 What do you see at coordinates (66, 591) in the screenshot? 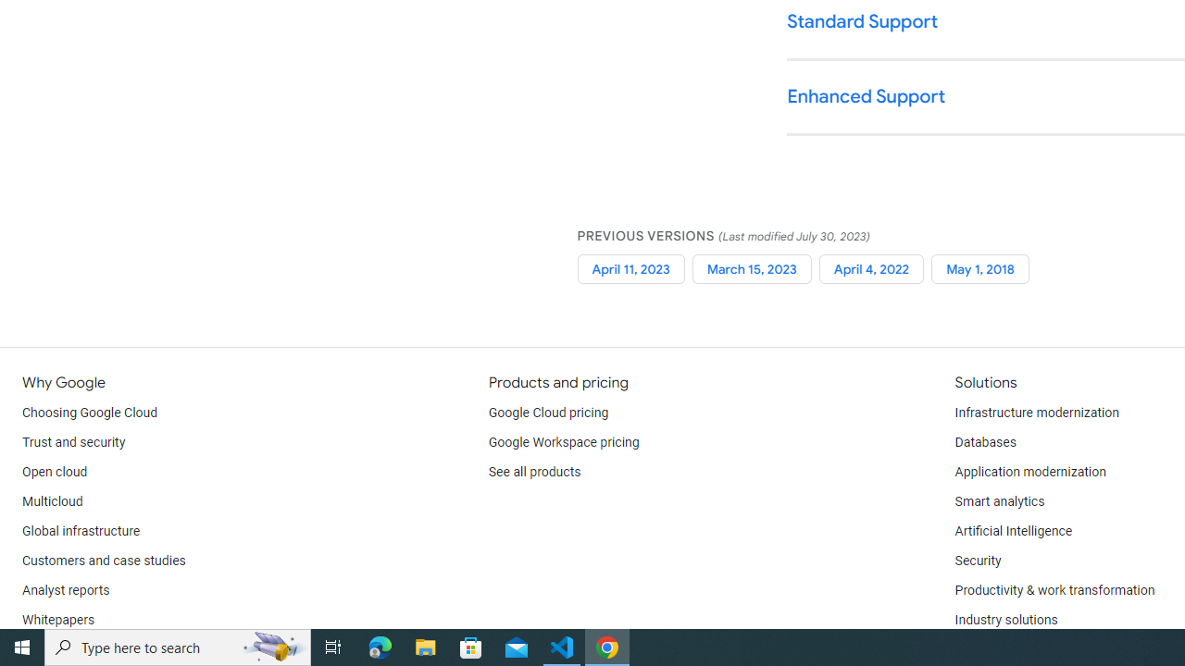
I see `'Analyst reports'` at bounding box center [66, 591].